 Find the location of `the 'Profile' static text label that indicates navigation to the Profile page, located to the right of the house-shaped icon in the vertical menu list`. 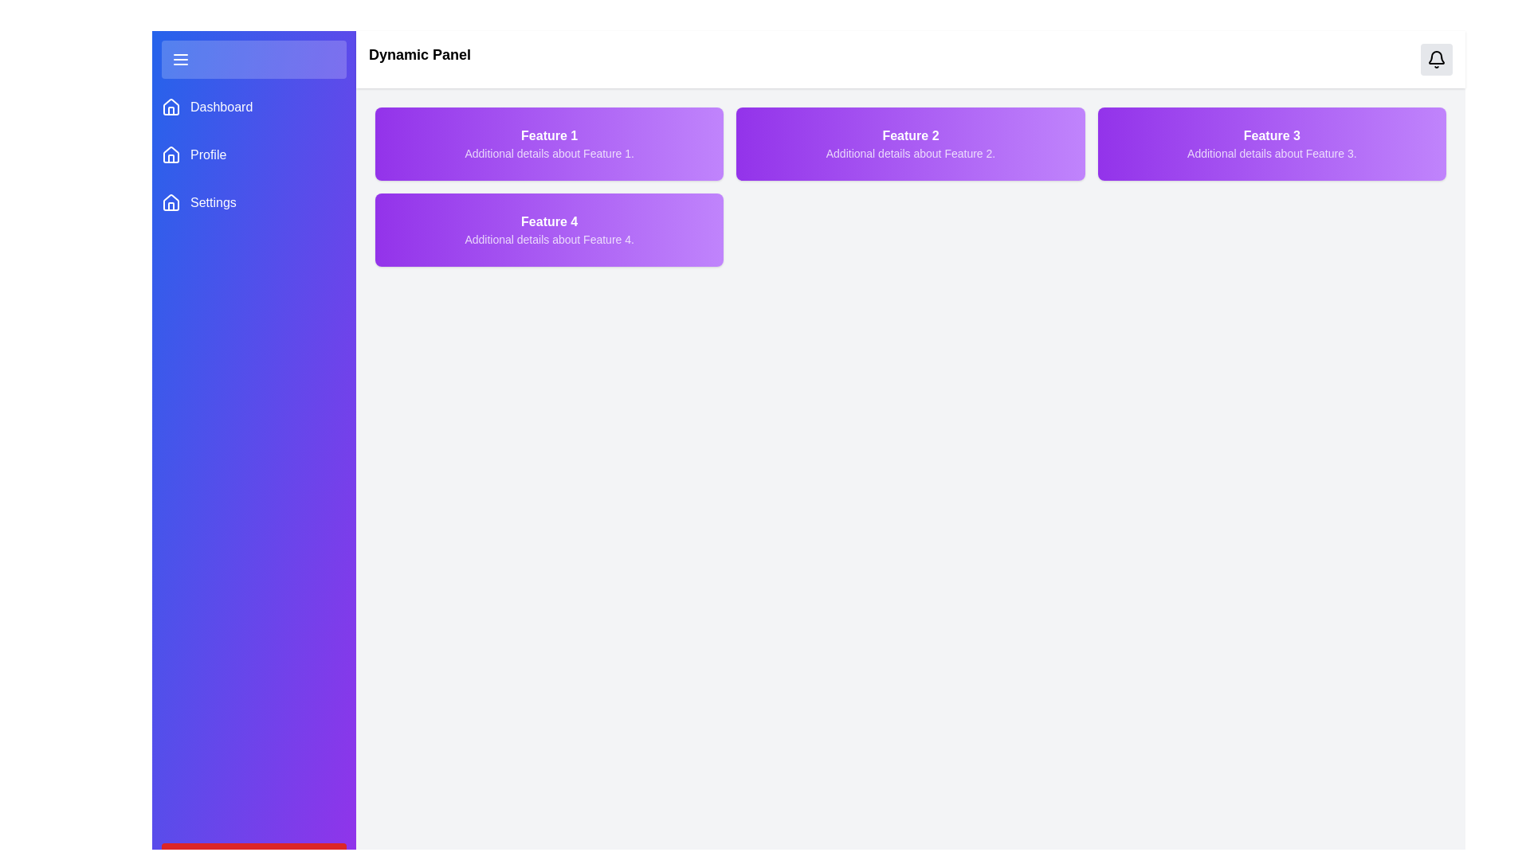

the 'Profile' static text label that indicates navigation to the Profile page, located to the right of the house-shaped icon in the vertical menu list is located at coordinates (207, 155).